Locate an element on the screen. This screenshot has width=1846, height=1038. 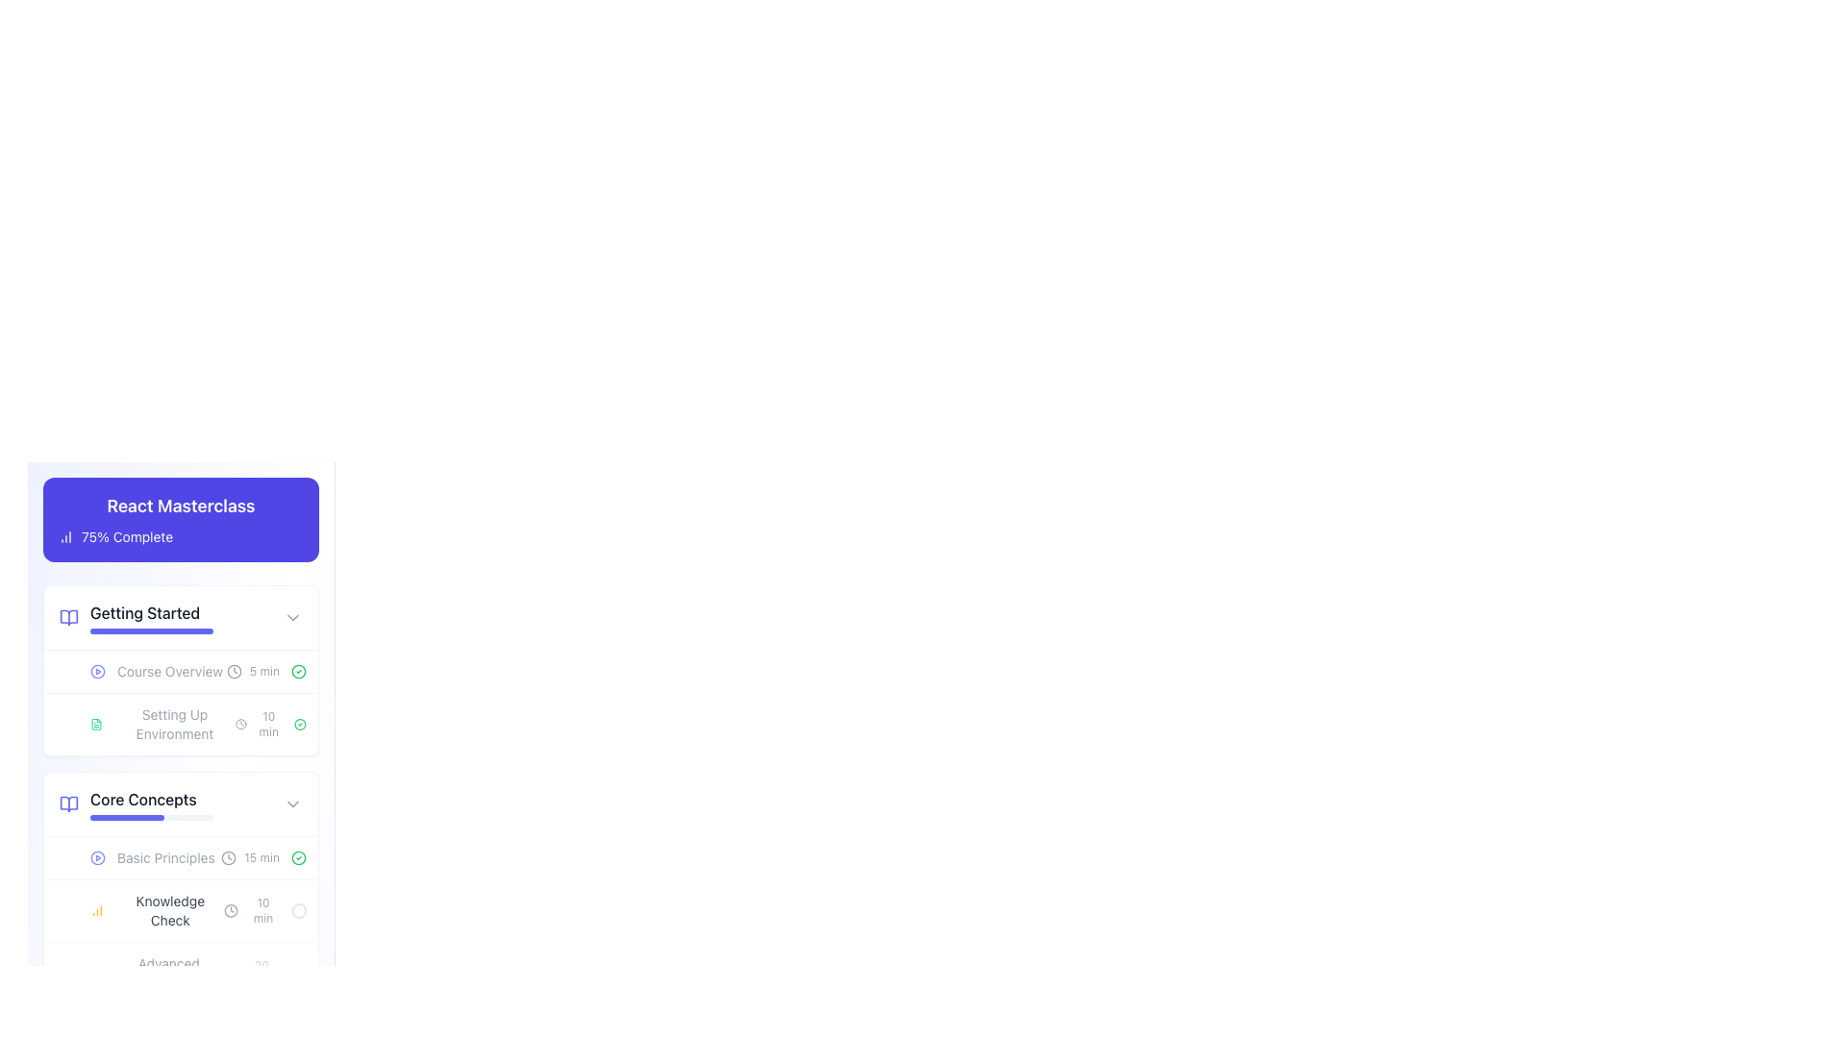
the text label displaying 'Basic Principles' is located at coordinates (165, 857).